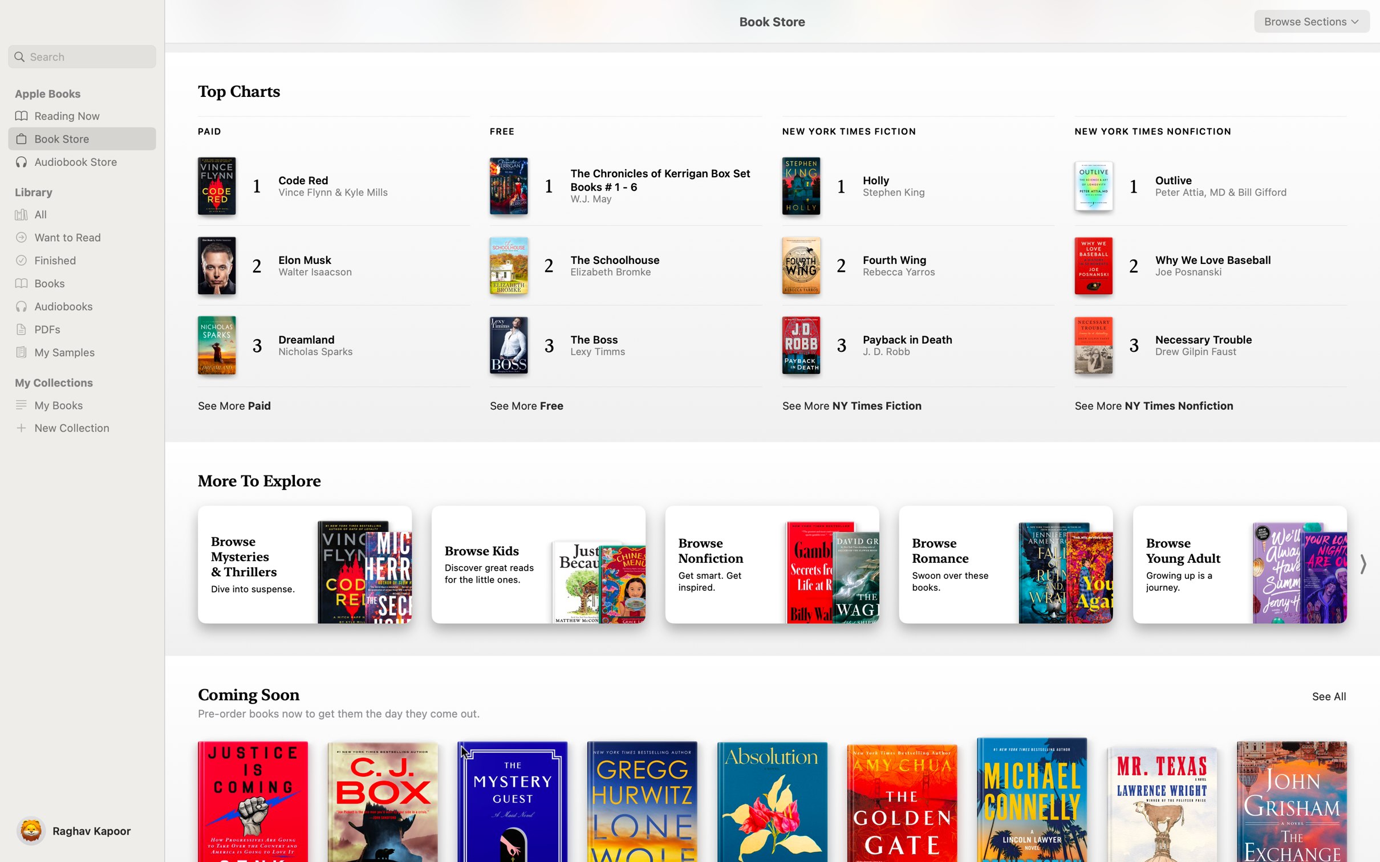 Image resolution: width=1380 pixels, height=862 pixels. What do you see at coordinates (323, 345) in the screenshot?
I see `"Dreamland" from purchased top books` at bounding box center [323, 345].